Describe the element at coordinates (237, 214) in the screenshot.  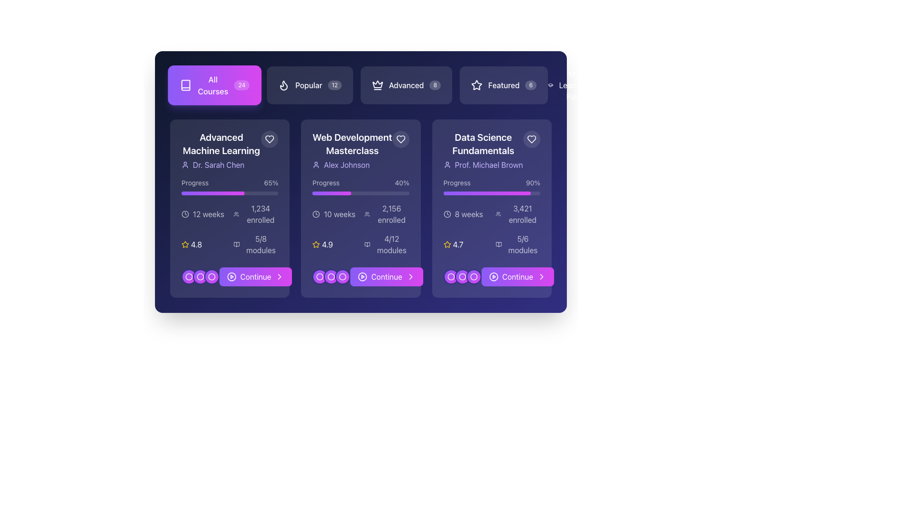
I see `the multiple users icon (SVG) located to the left of the text '1,234 enrolled' in the enrollment details section of the 'Advanced Machine Learning' course card` at that location.